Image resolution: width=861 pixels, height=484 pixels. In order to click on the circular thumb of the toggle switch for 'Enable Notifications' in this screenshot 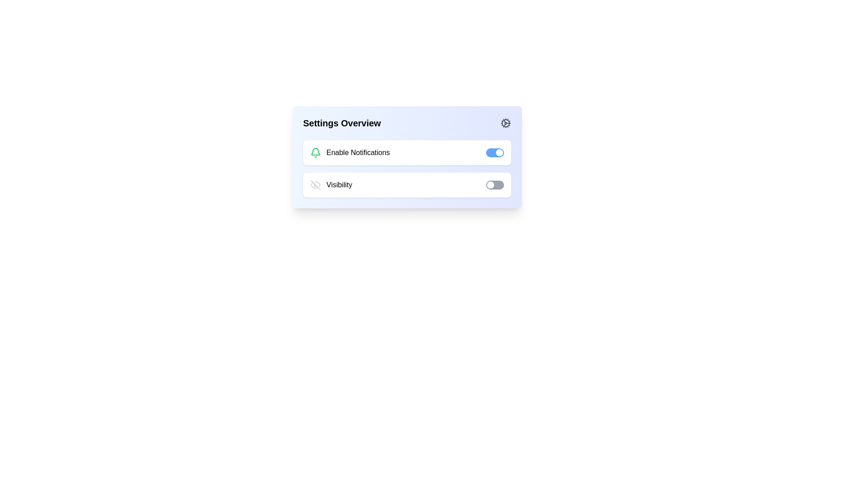, I will do `click(495, 152)`.